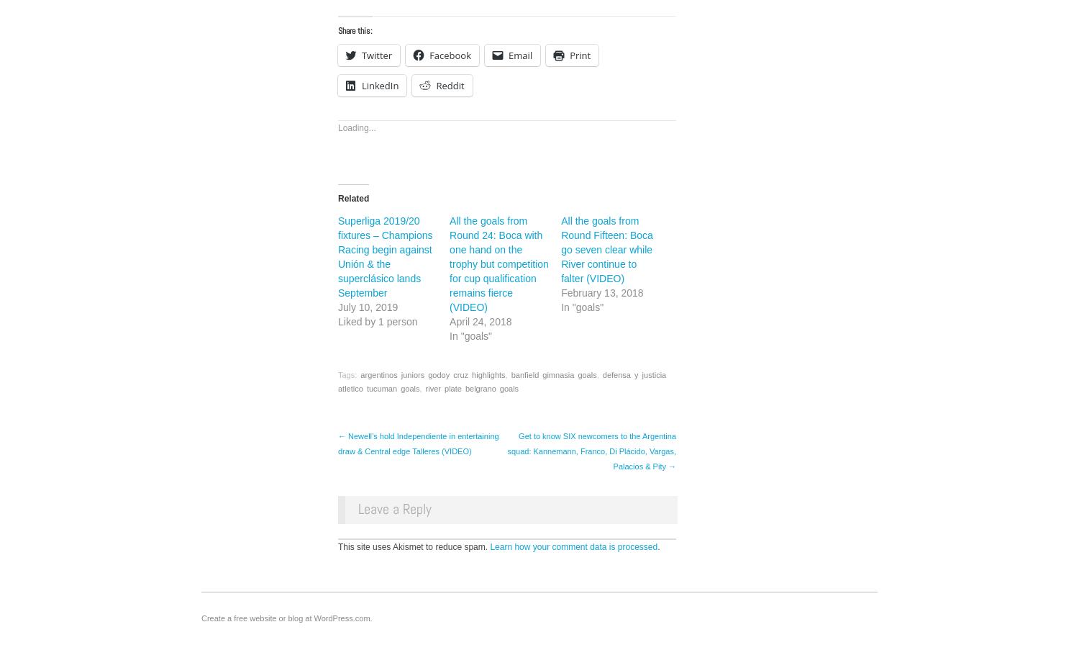 The width and height of the screenshot is (1079, 645). What do you see at coordinates (337, 443) in the screenshot?
I see `'Post navigation'` at bounding box center [337, 443].